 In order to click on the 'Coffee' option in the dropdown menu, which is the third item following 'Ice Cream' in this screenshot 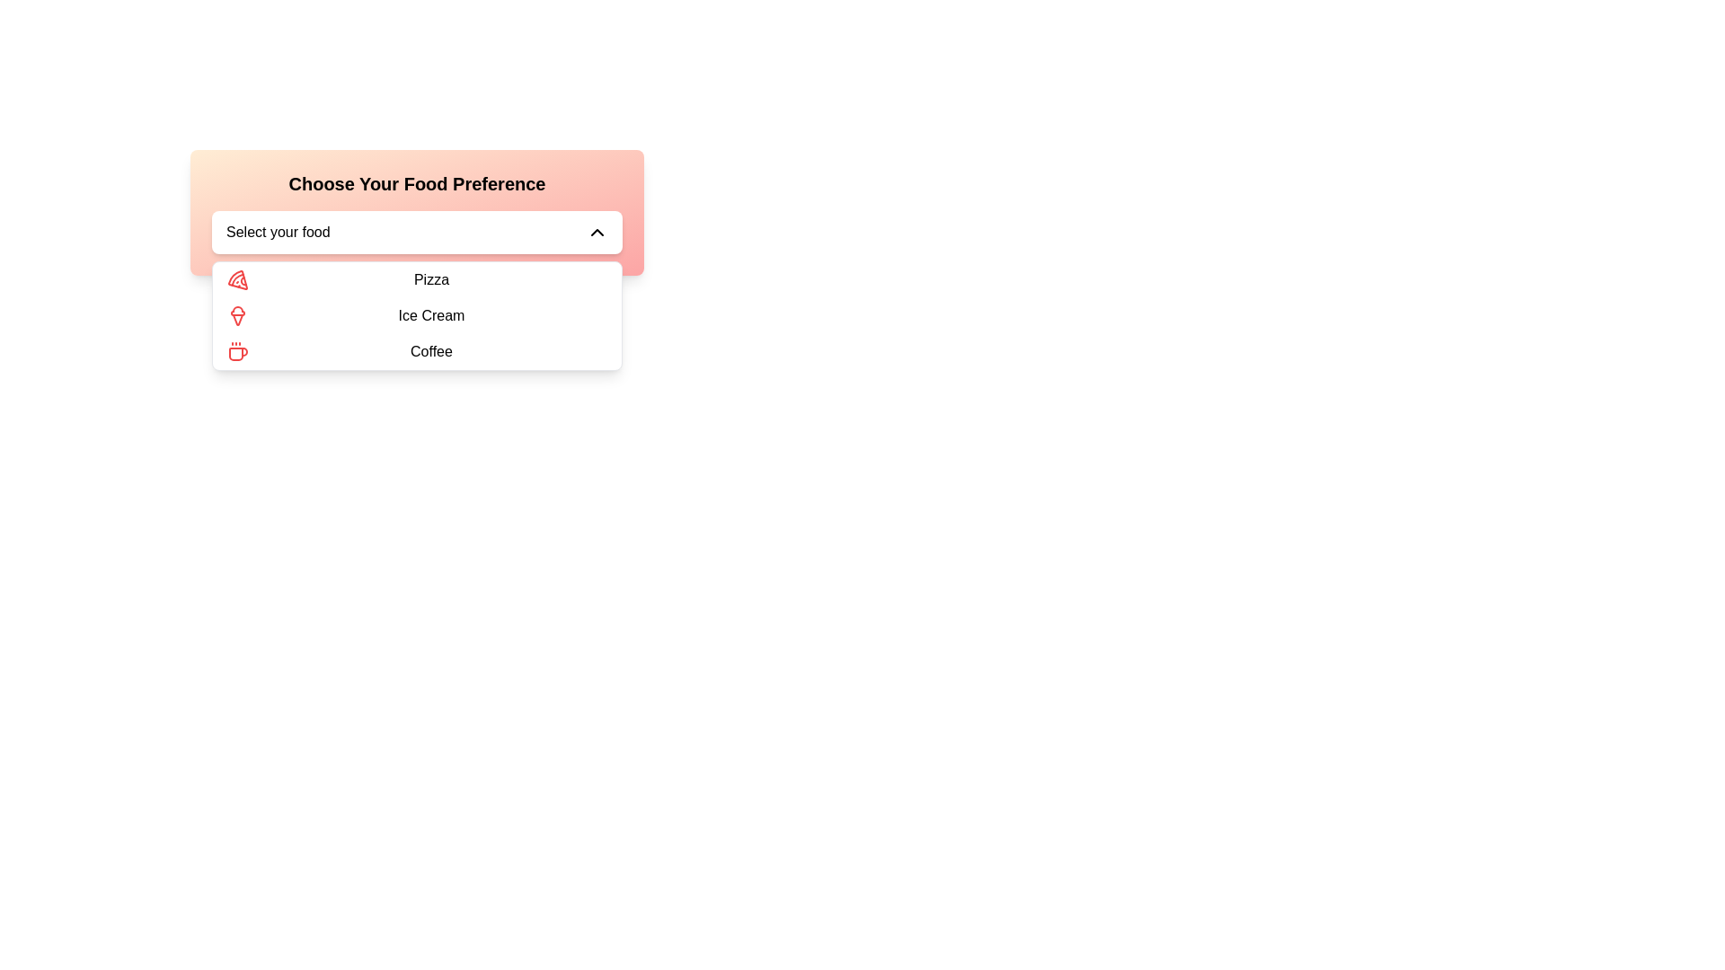, I will do `click(416, 352)`.